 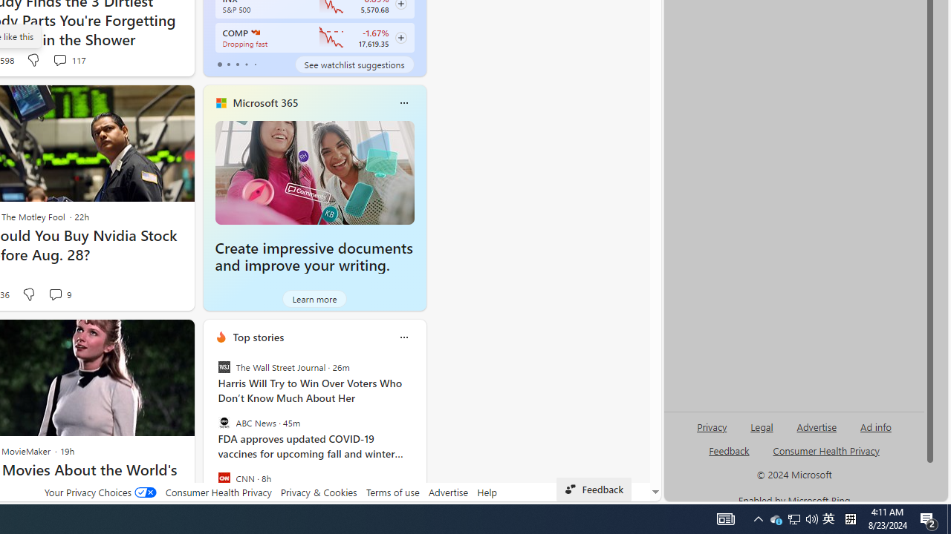 I want to click on 'View comments 117 Comment', so click(x=59, y=59).